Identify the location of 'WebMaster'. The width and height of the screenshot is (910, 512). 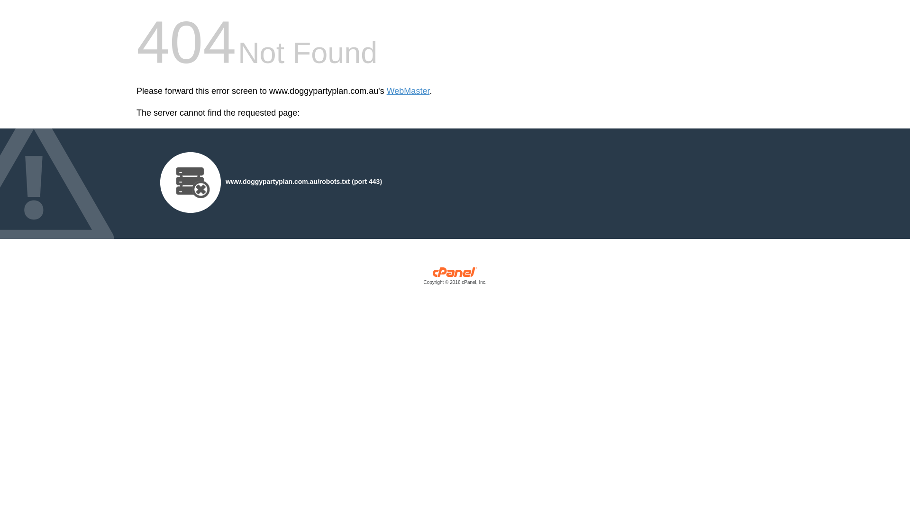
(408, 91).